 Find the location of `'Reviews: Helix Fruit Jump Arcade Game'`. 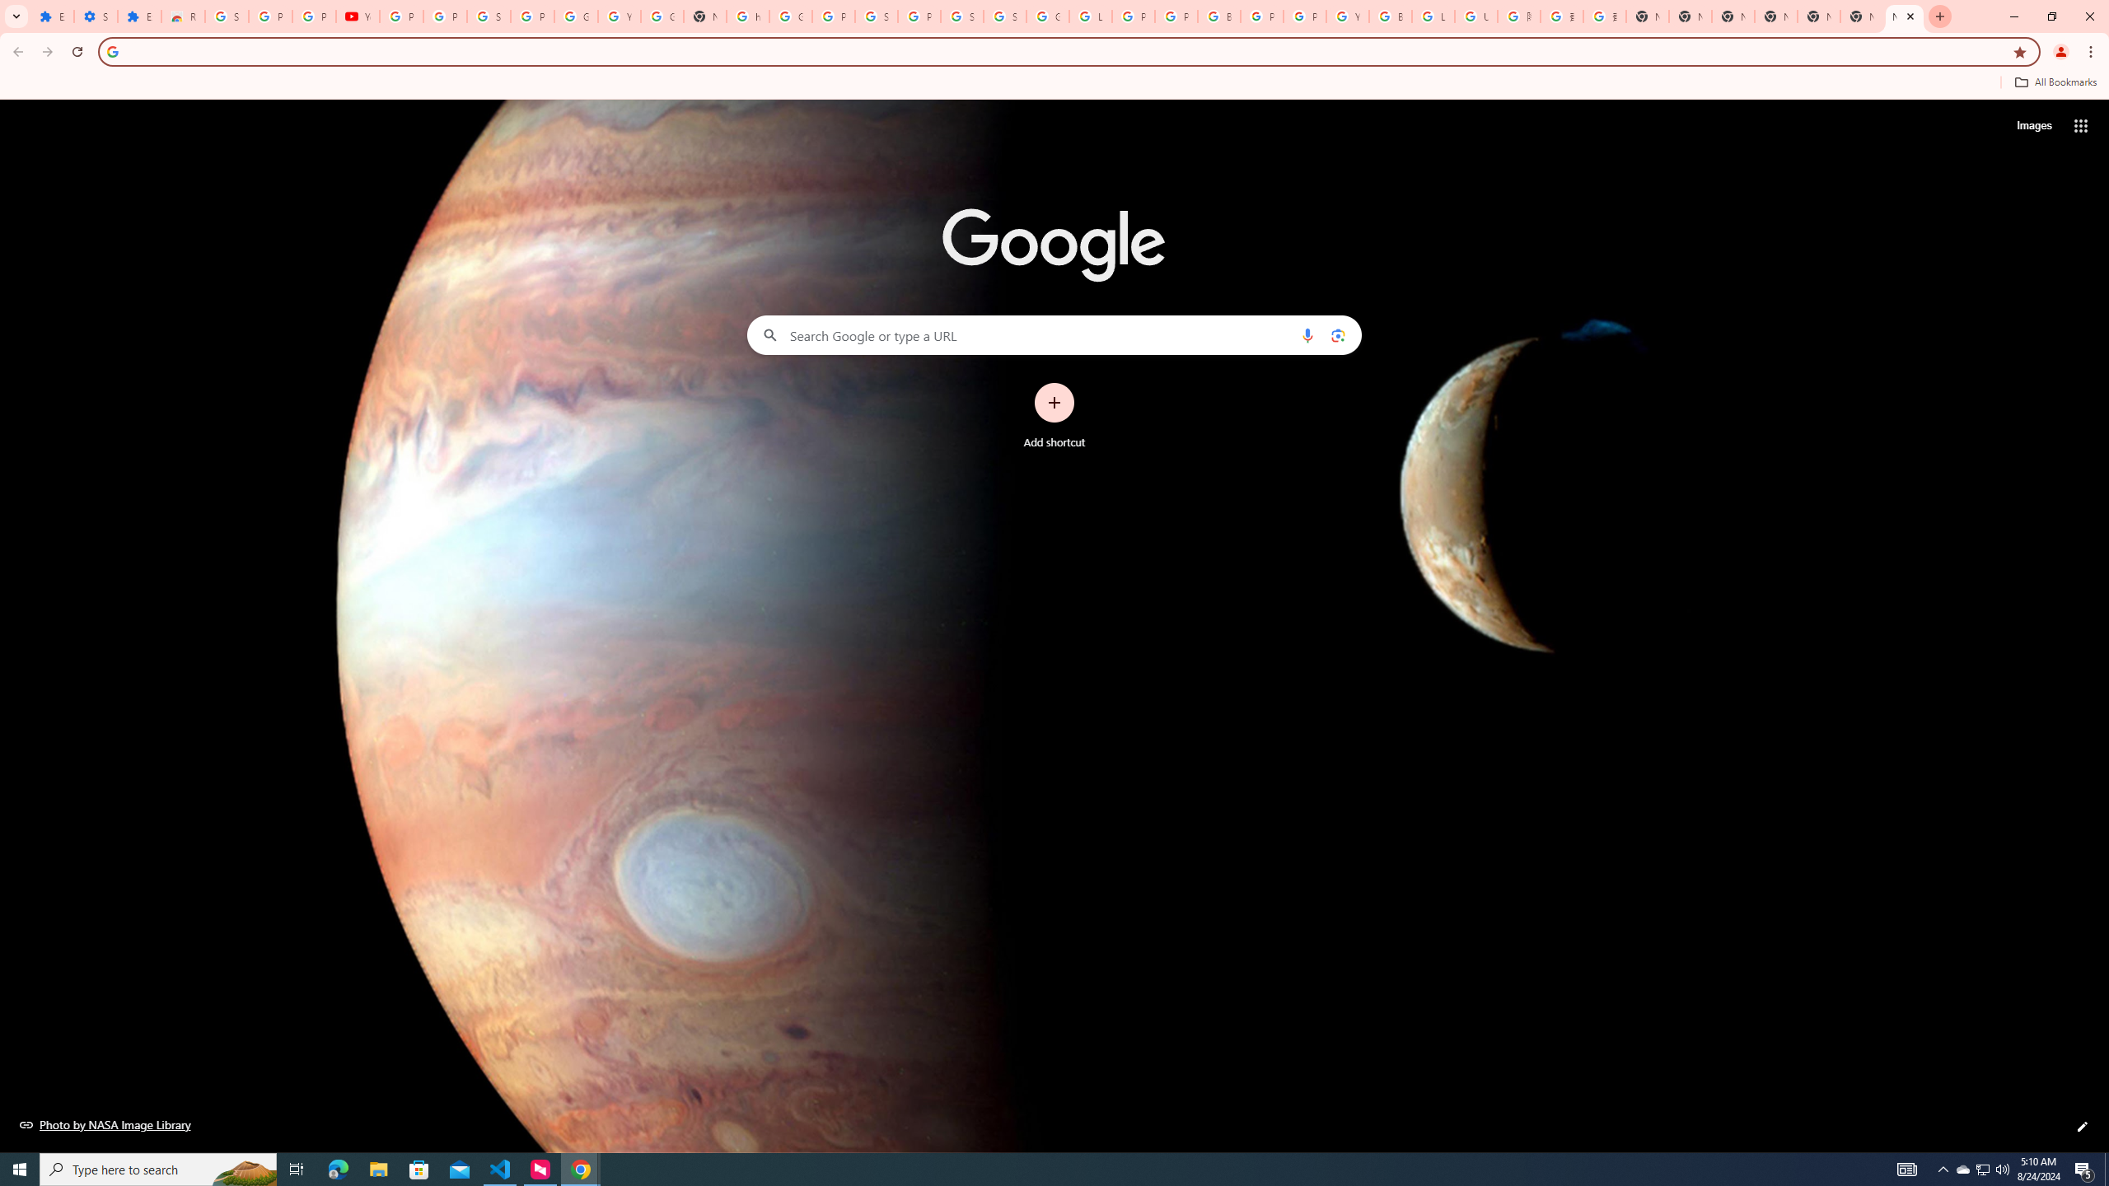

'Reviews: Helix Fruit Jump Arcade Game' is located at coordinates (182, 16).